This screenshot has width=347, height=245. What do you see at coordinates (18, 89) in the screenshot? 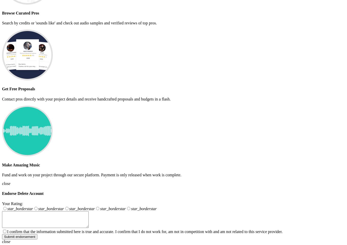
I see `'Get Free Proposals'` at bounding box center [18, 89].